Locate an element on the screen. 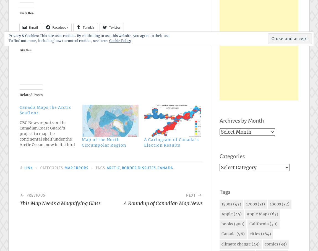 The image size is (318, 251). '1800s' is located at coordinates (270, 204).